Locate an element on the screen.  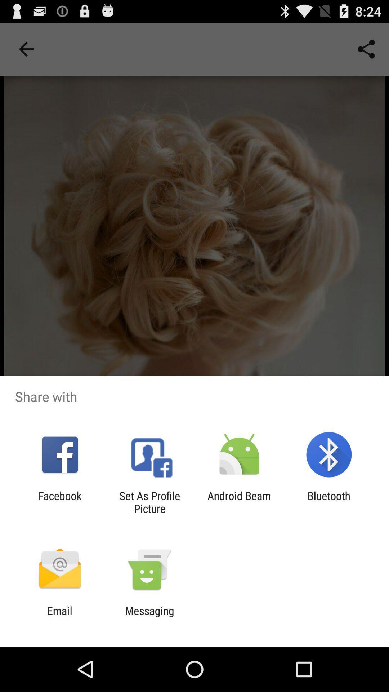
app to the left of set as profile icon is located at coordinates (59, 502).